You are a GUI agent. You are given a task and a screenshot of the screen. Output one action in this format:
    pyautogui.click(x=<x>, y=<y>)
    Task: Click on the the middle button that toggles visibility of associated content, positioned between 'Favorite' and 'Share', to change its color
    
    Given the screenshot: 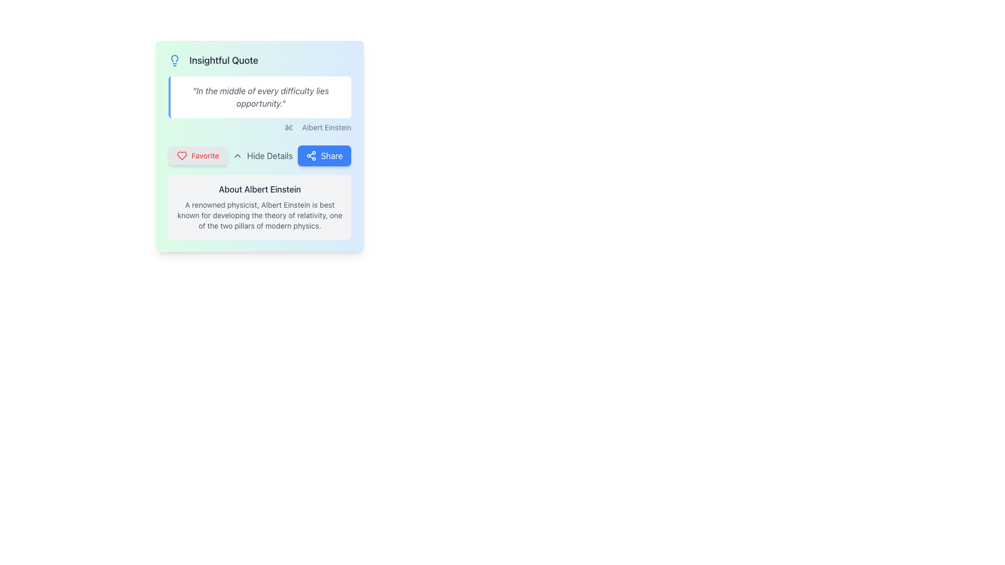 What is the action you would take?
    pyautogui.click(x=262, y=155)
    